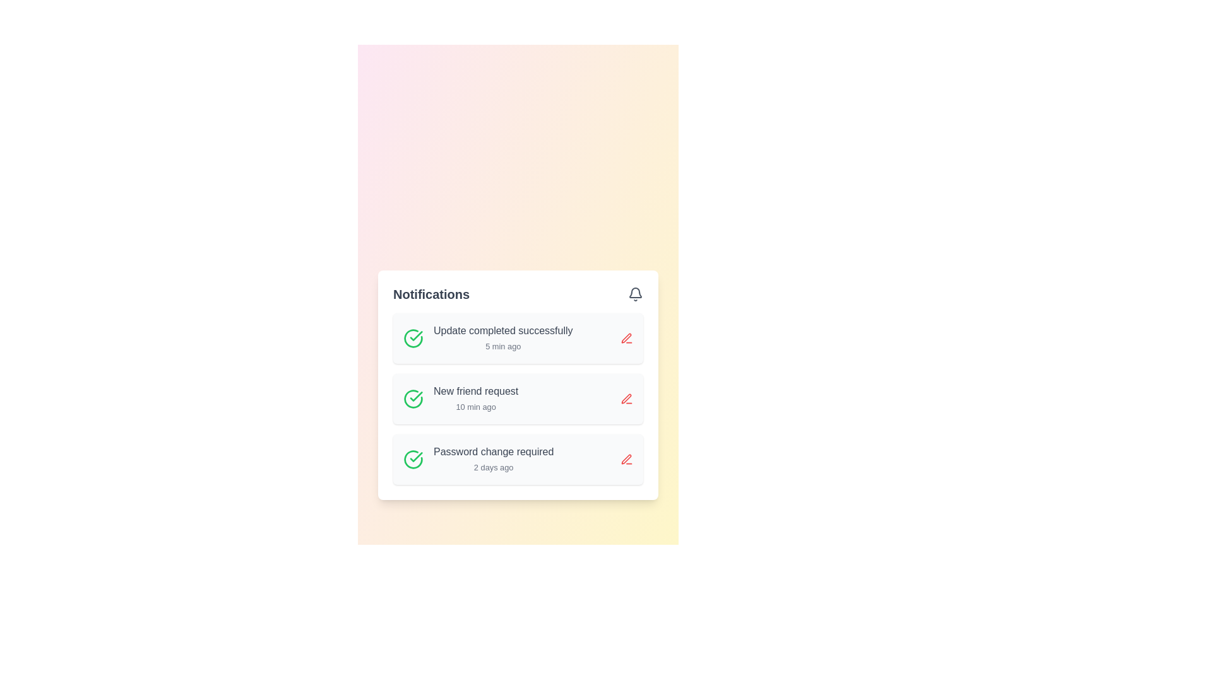 The height and width of the screenshot is (681, 1212). What do you see at coordinates (626, 399) in the screenshot?
I see `the Icon button located in the bottom-right corner of the second notification box in the Notifications card, which allows users to edit the associated notification content` at bounding box center [626, 399].